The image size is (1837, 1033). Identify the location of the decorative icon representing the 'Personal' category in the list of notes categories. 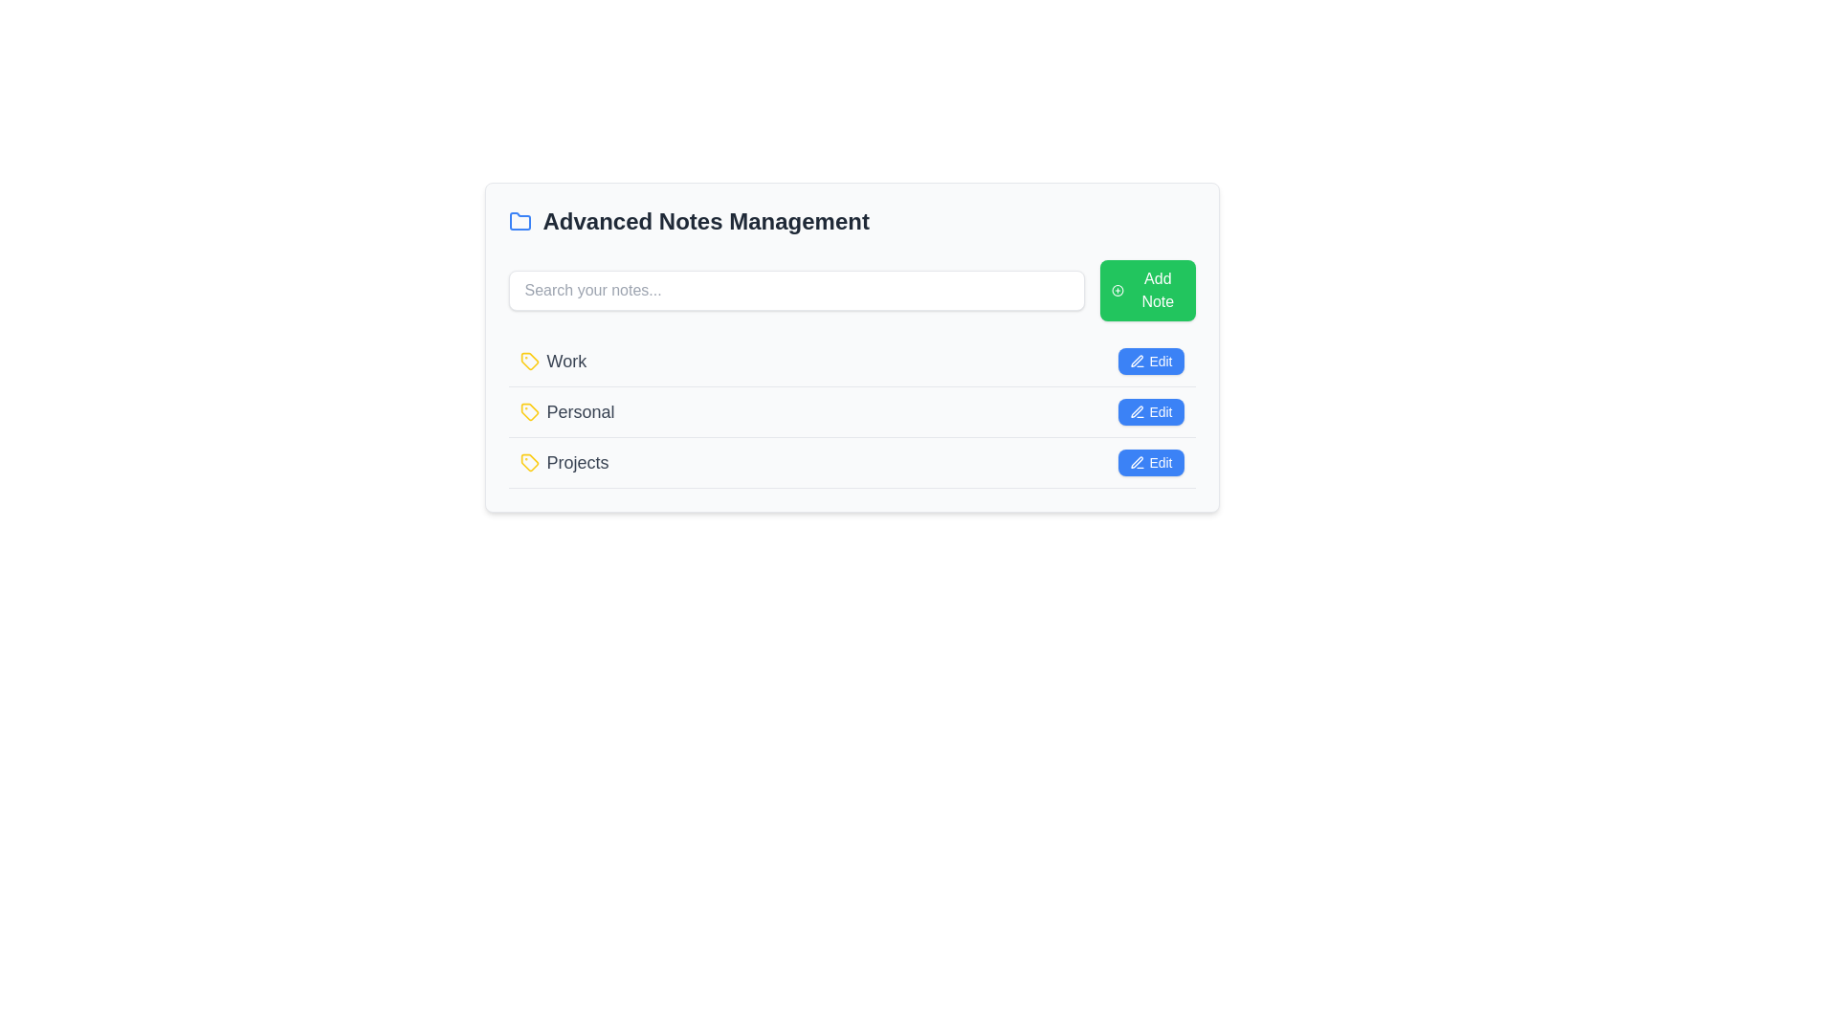
(529, 411).